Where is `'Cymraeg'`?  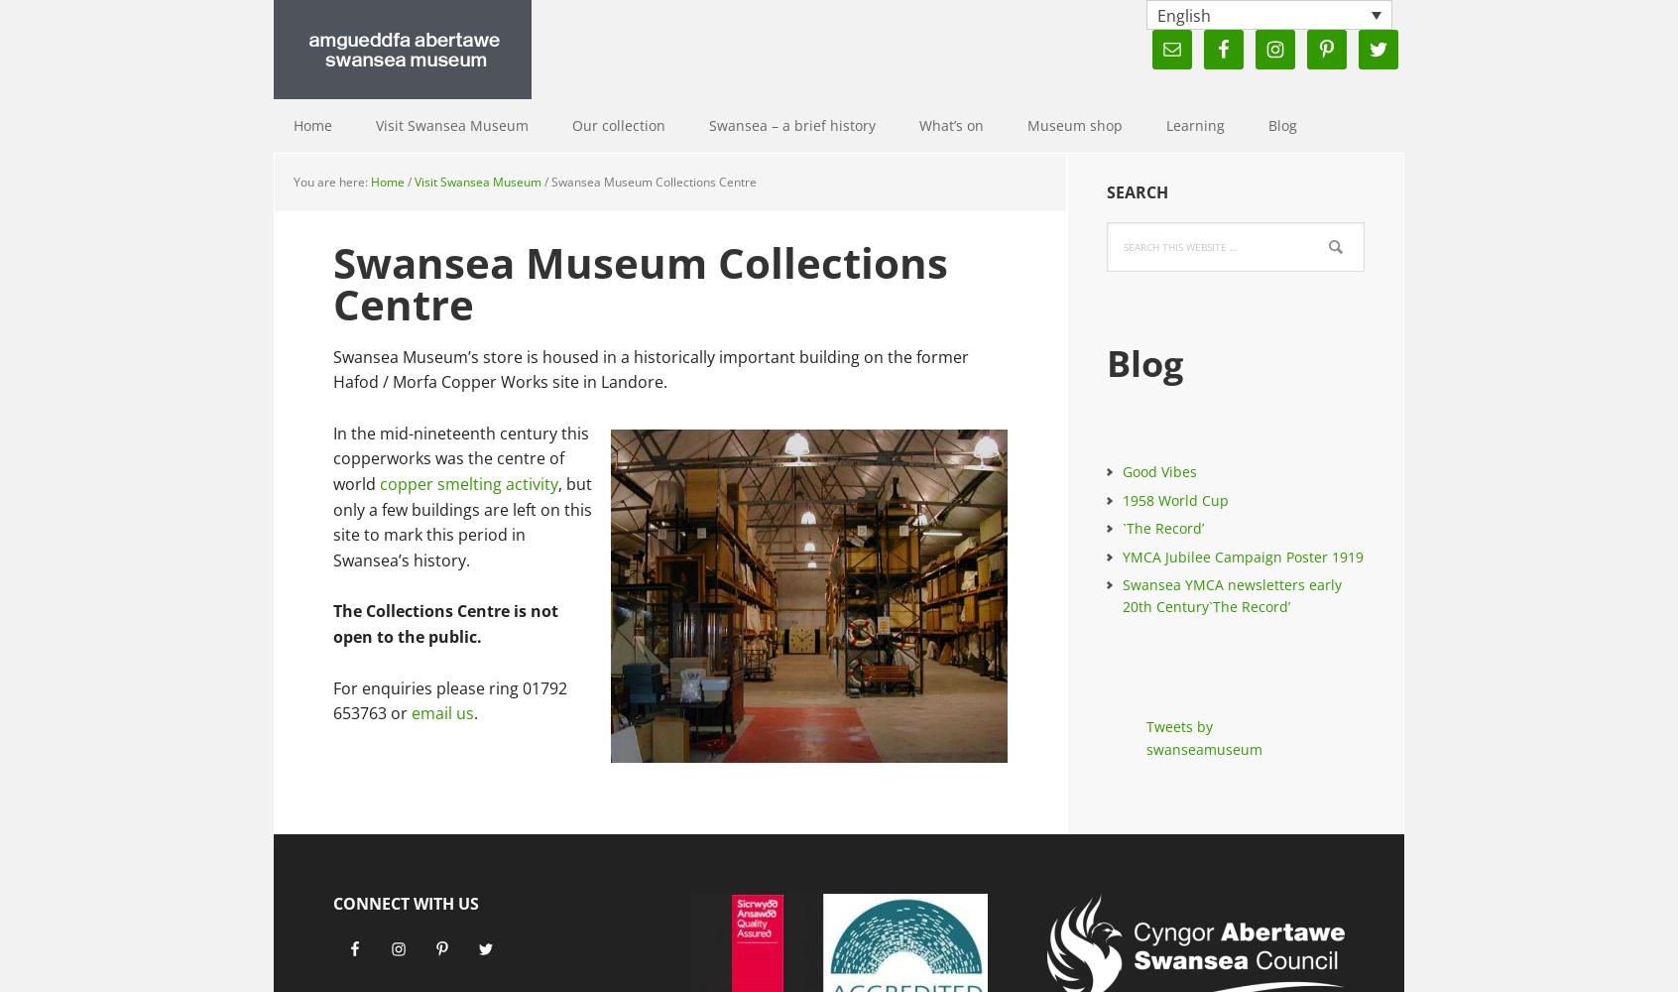 'Cymraeg' is located at coordinates (1190, 45).